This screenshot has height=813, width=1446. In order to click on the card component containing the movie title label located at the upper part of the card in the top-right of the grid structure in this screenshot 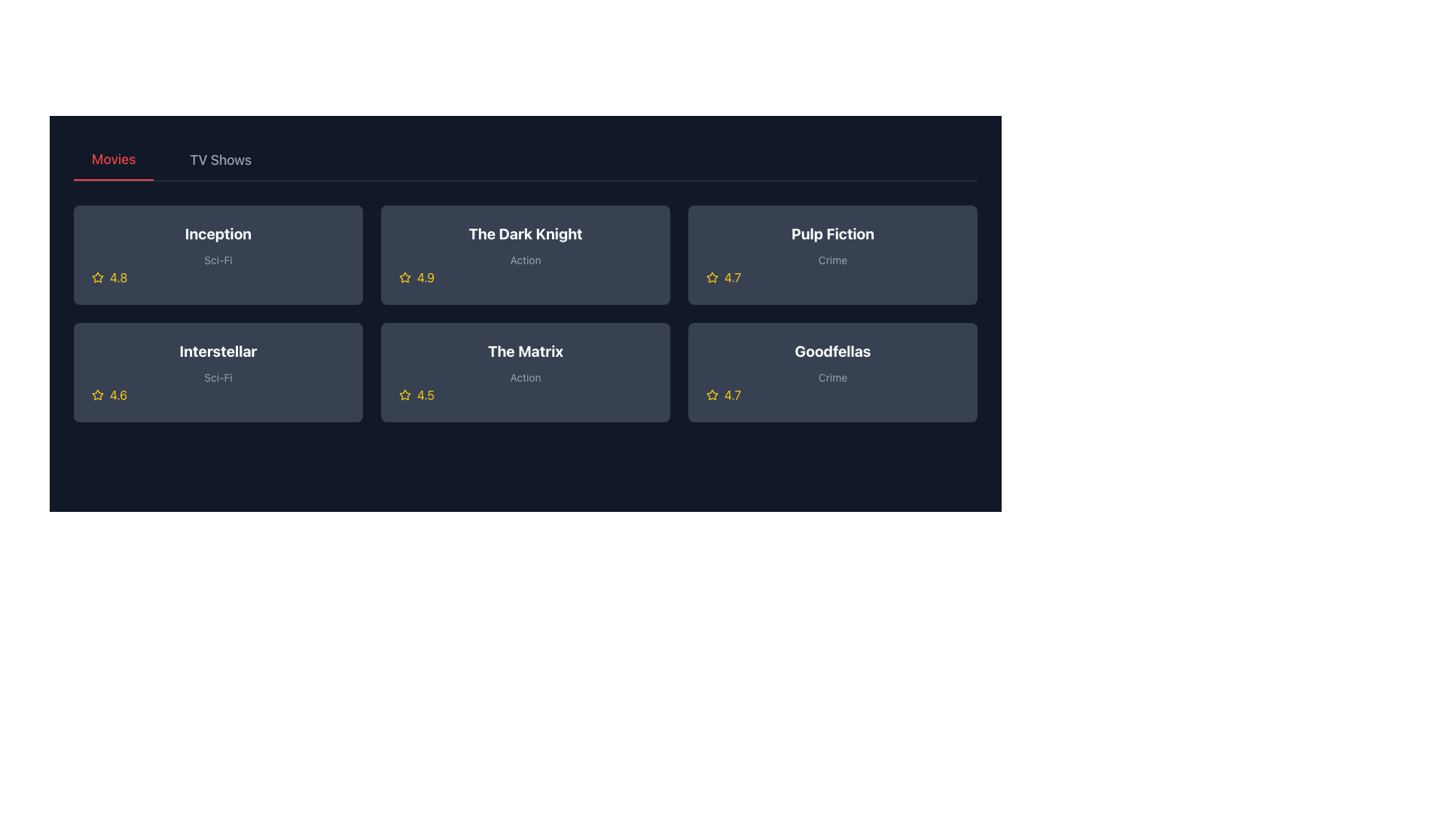, I will do `click(831, 234)`.